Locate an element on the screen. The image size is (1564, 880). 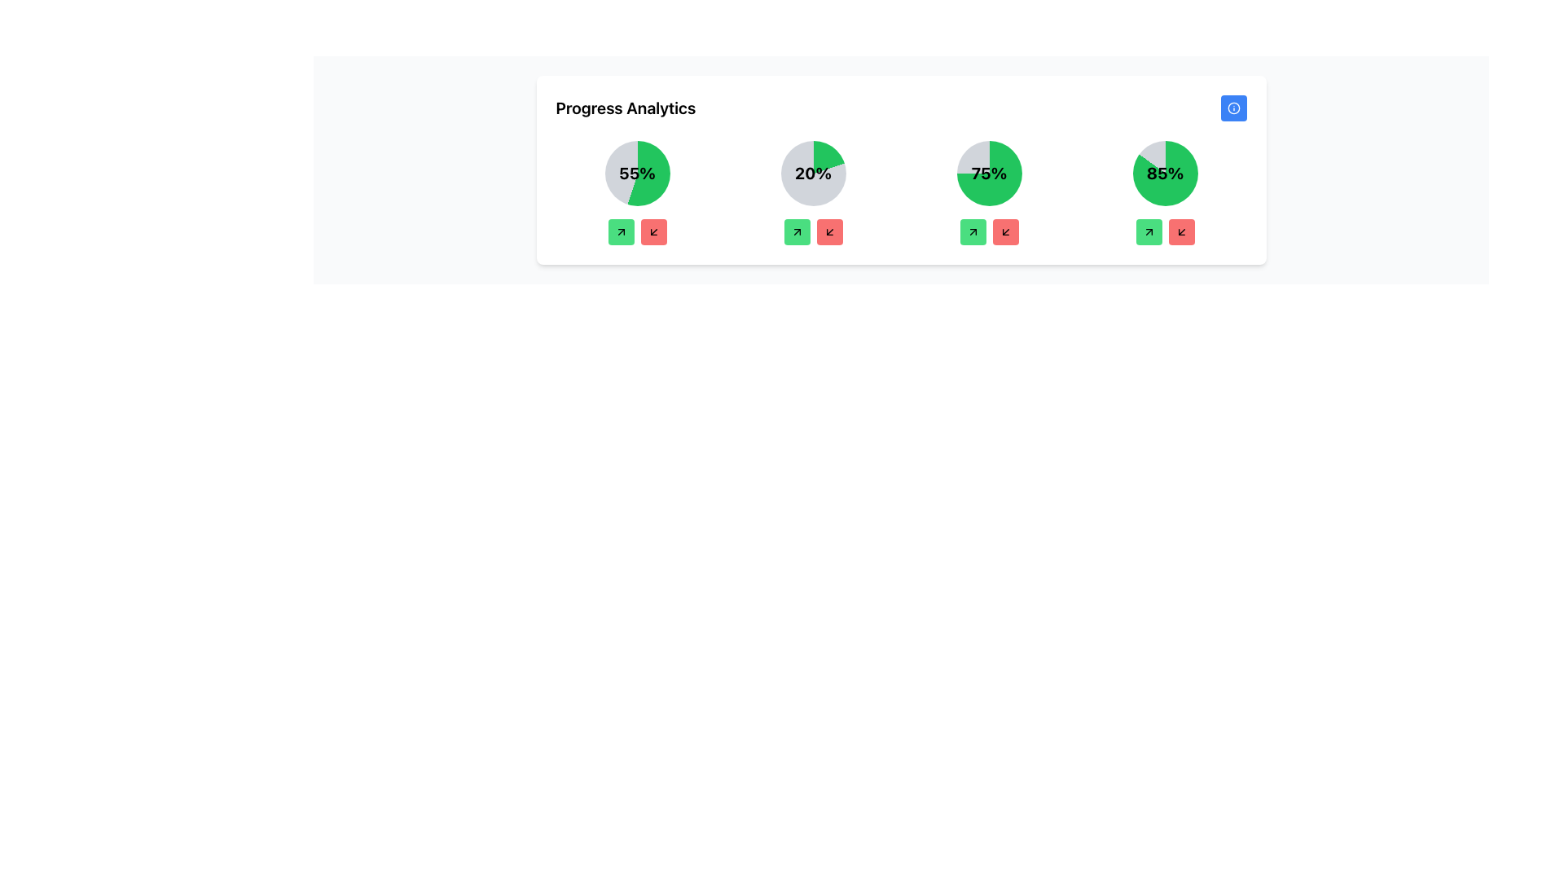
the bold numeric text '85%' displayed within the green and gray circular progress indicator is located at coordinates (1164, 173).